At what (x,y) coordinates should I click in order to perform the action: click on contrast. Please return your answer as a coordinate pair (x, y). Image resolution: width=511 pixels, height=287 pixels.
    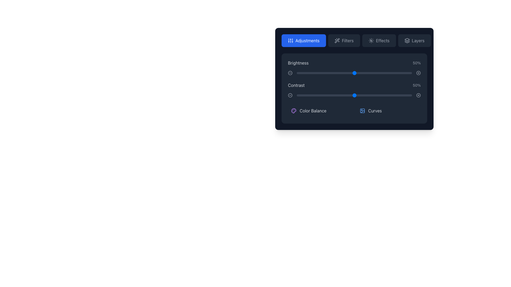
    Looking at the image, I should click on (319, 95).